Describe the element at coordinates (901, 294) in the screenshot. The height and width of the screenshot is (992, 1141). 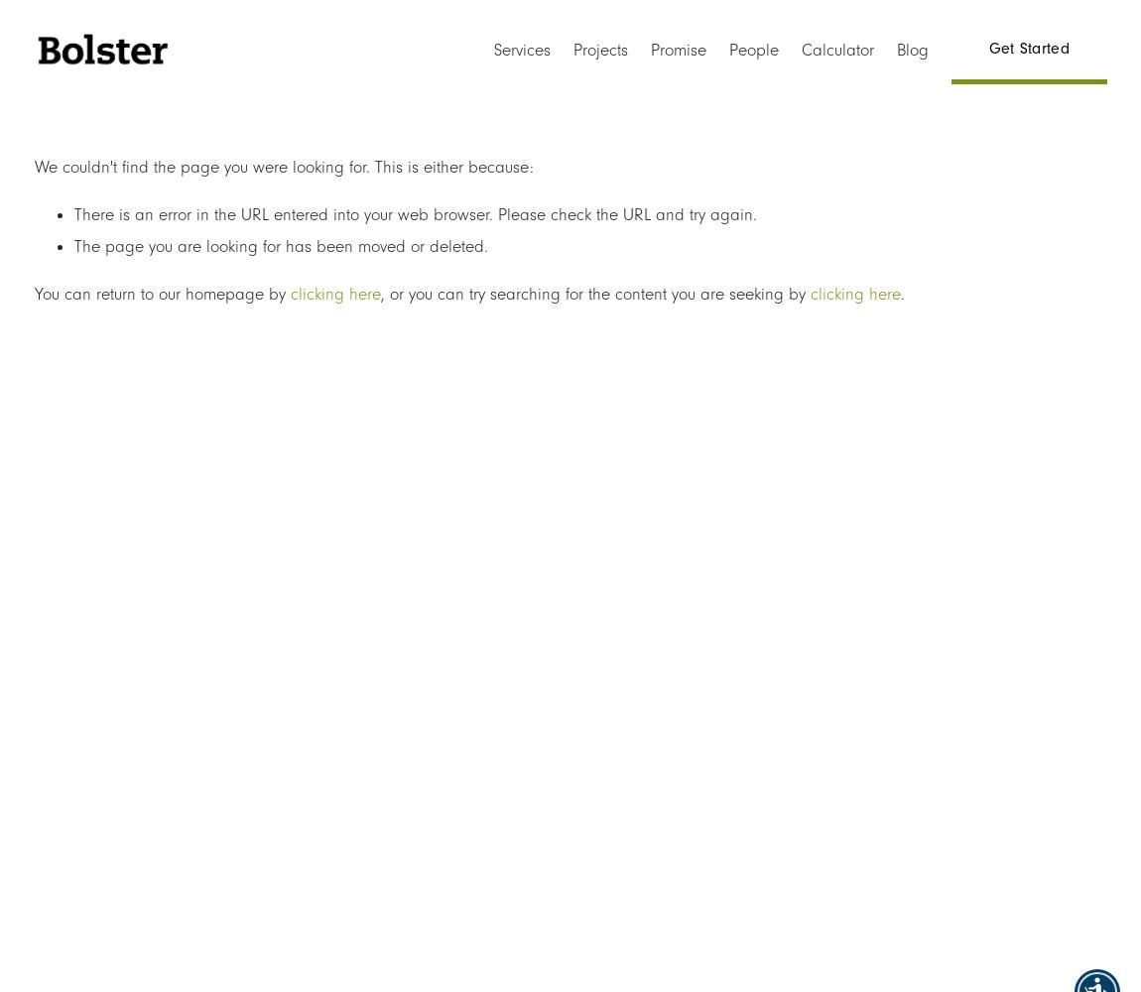
I see `'.'` at that location.